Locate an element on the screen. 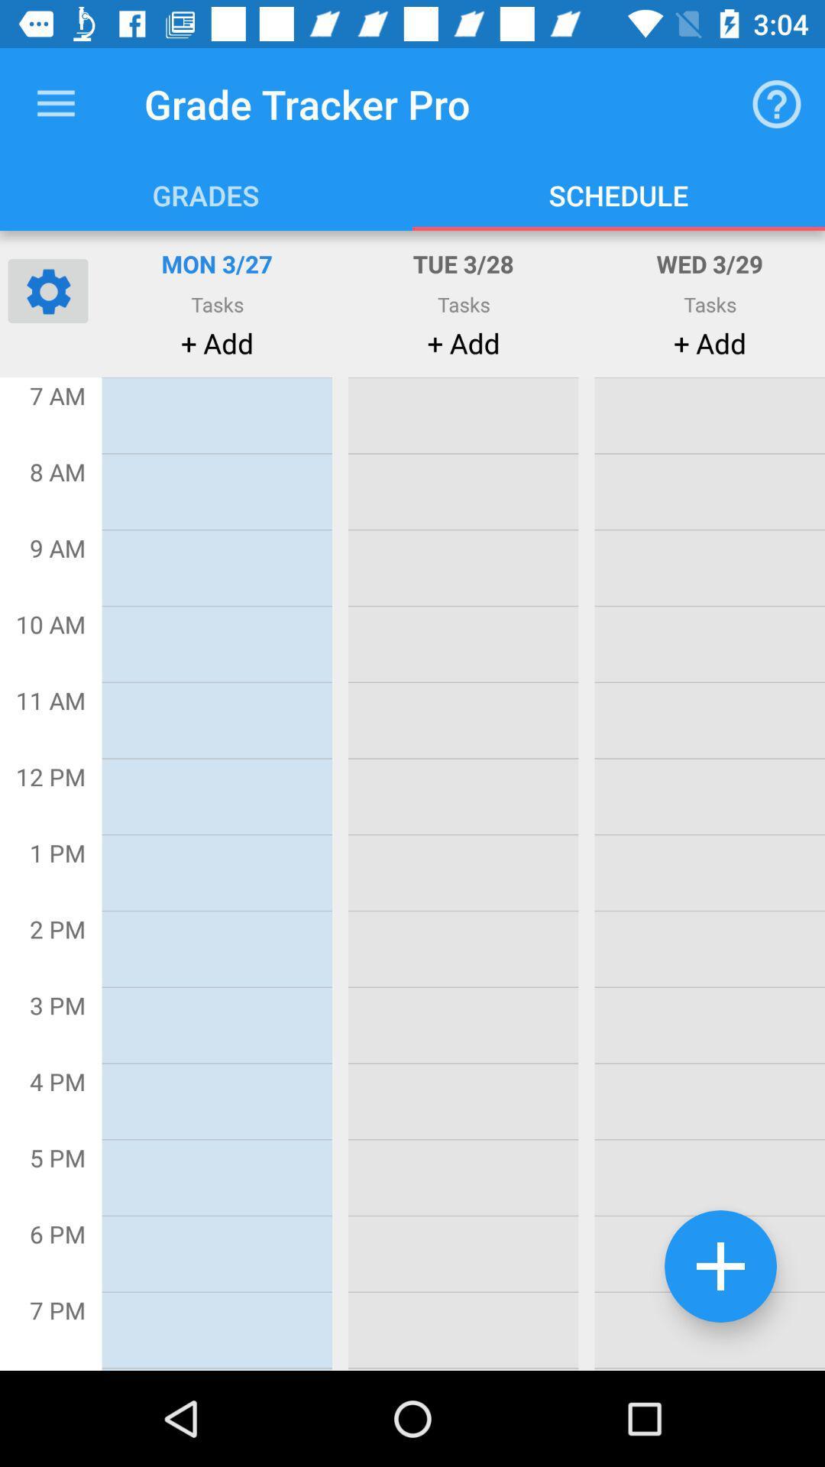 The width and height of the screenshot is (825, 1467). setting bar is located at coordinates (47, 290).